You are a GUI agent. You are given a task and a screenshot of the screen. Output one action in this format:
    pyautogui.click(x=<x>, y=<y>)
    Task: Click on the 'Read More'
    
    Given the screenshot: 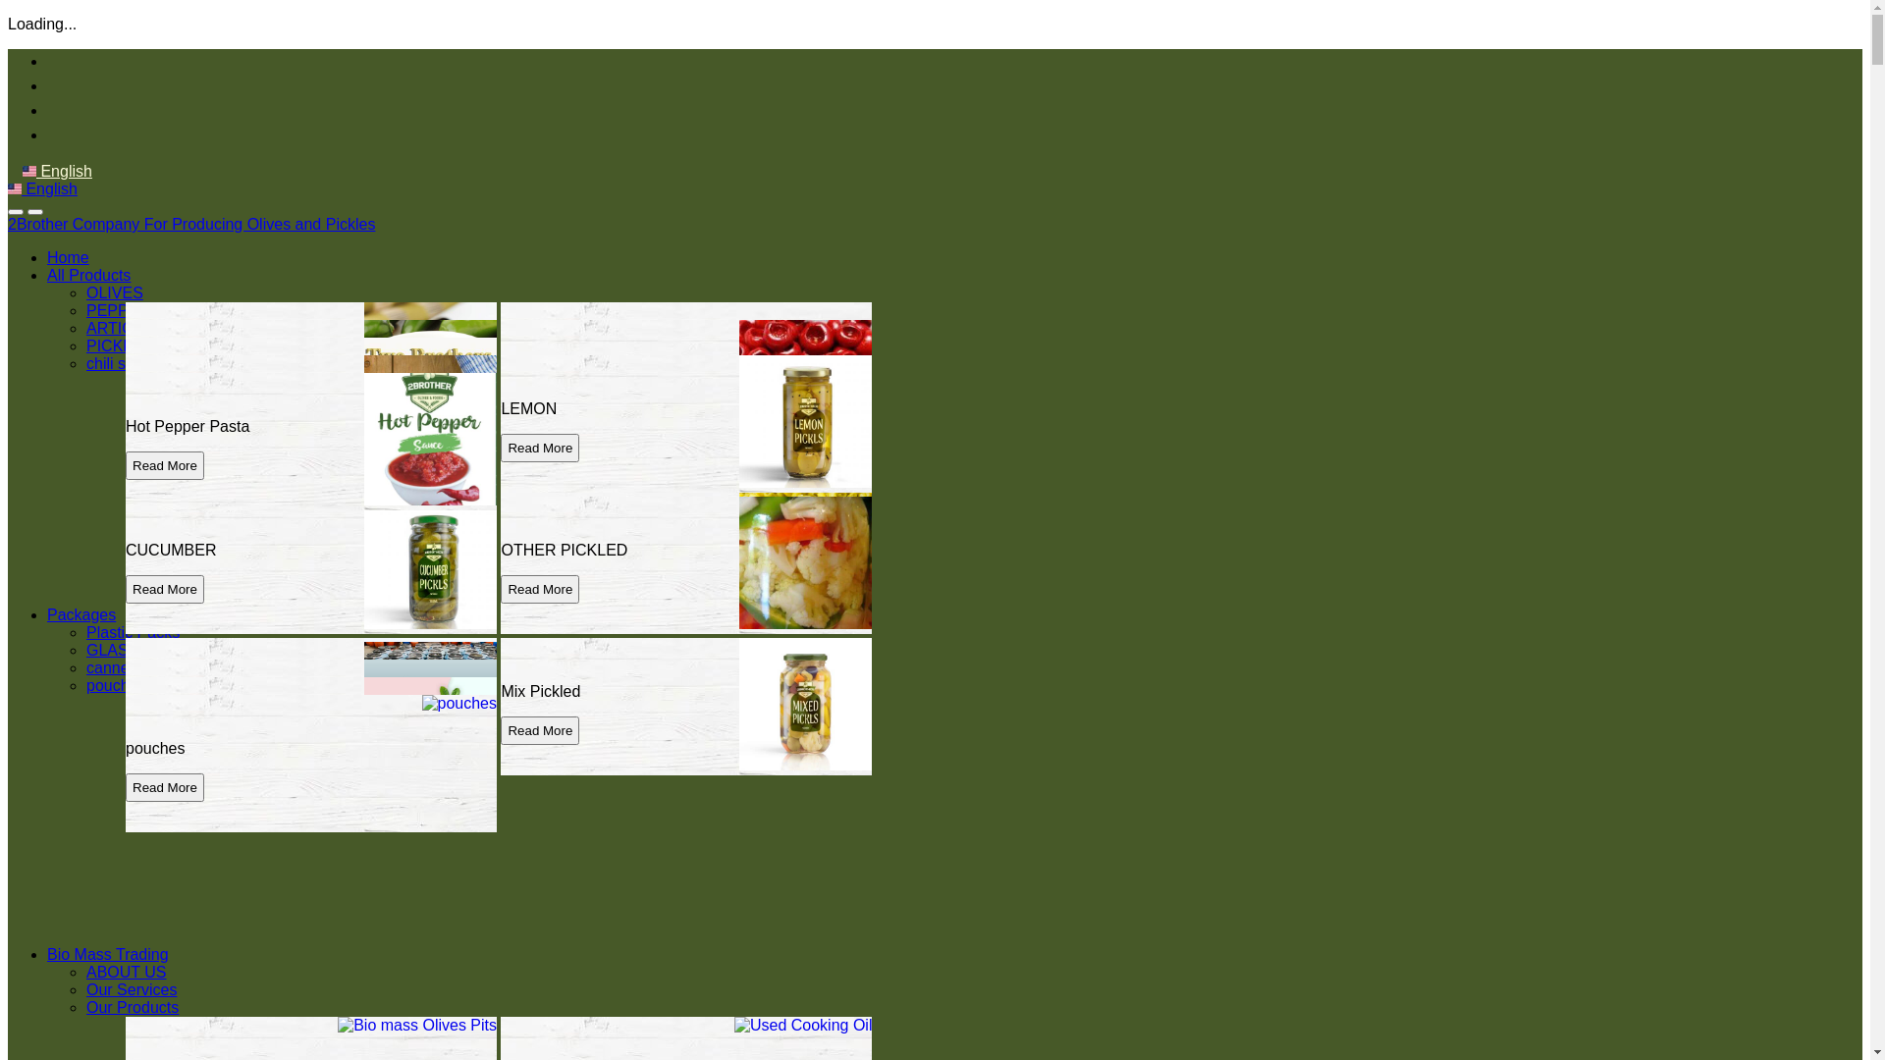 What is the action you would take?
    pyautogui.click(x=540, y=411)
    